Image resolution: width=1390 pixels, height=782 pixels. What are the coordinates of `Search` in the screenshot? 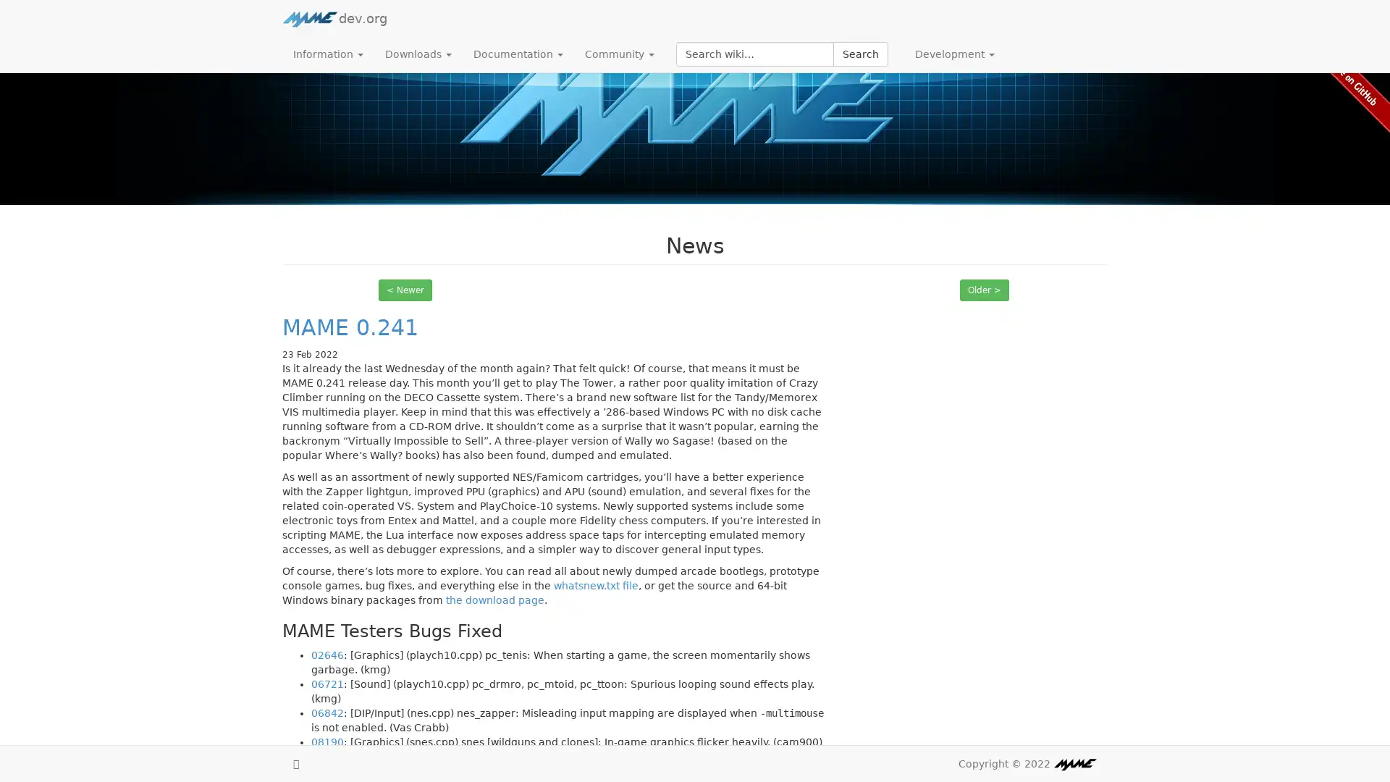 It's located at (861, 53).